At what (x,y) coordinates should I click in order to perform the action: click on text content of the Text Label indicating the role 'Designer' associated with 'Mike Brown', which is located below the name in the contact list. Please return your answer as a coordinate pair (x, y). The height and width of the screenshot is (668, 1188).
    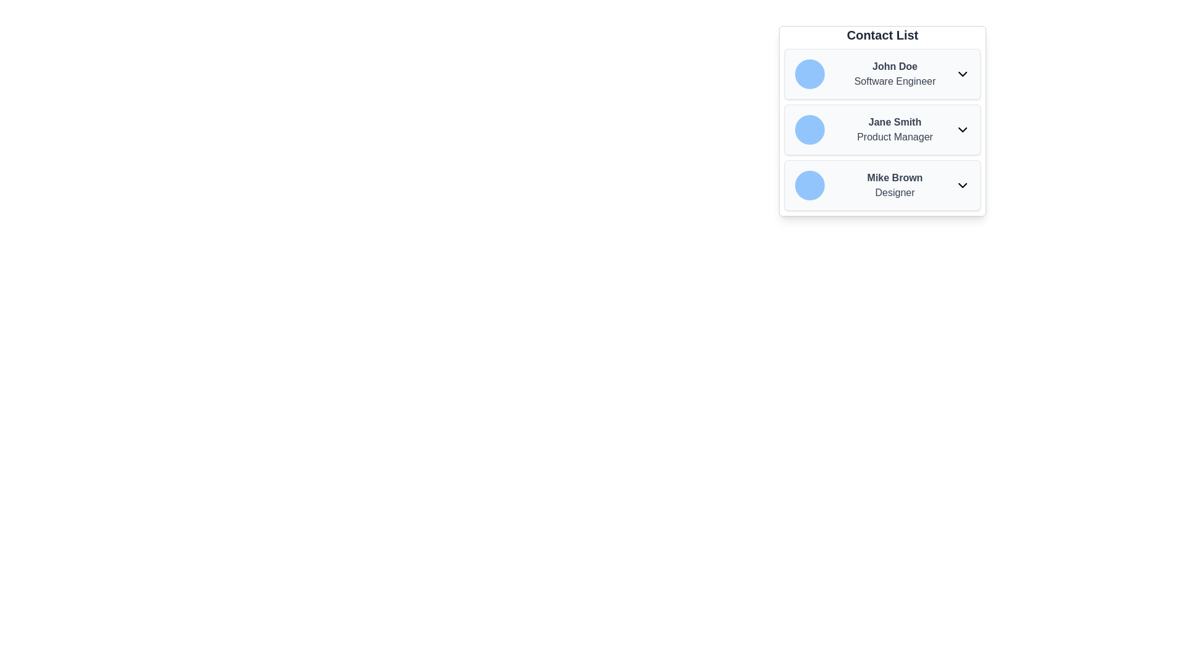
    Looking at the image, I should click on (895, 193).